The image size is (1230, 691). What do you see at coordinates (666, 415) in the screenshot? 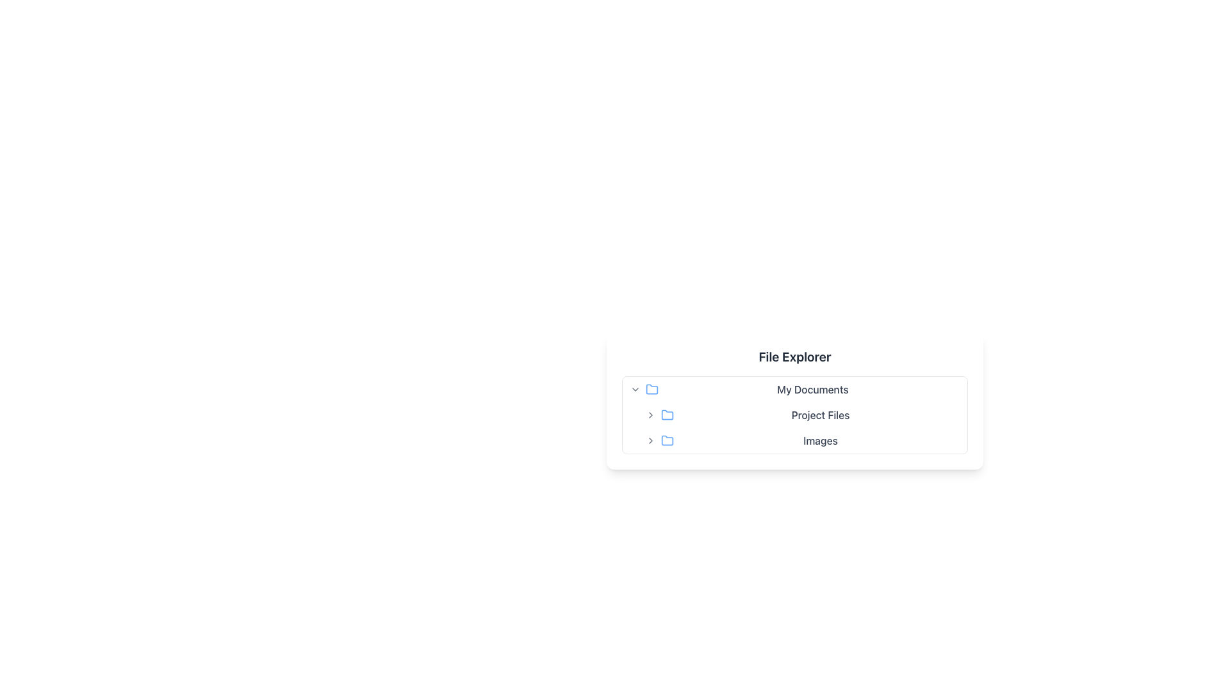
I see `the folder icon with a blue outline next to the text 'Project Files' in the file explorer interface` at bounding box center [666, 415].